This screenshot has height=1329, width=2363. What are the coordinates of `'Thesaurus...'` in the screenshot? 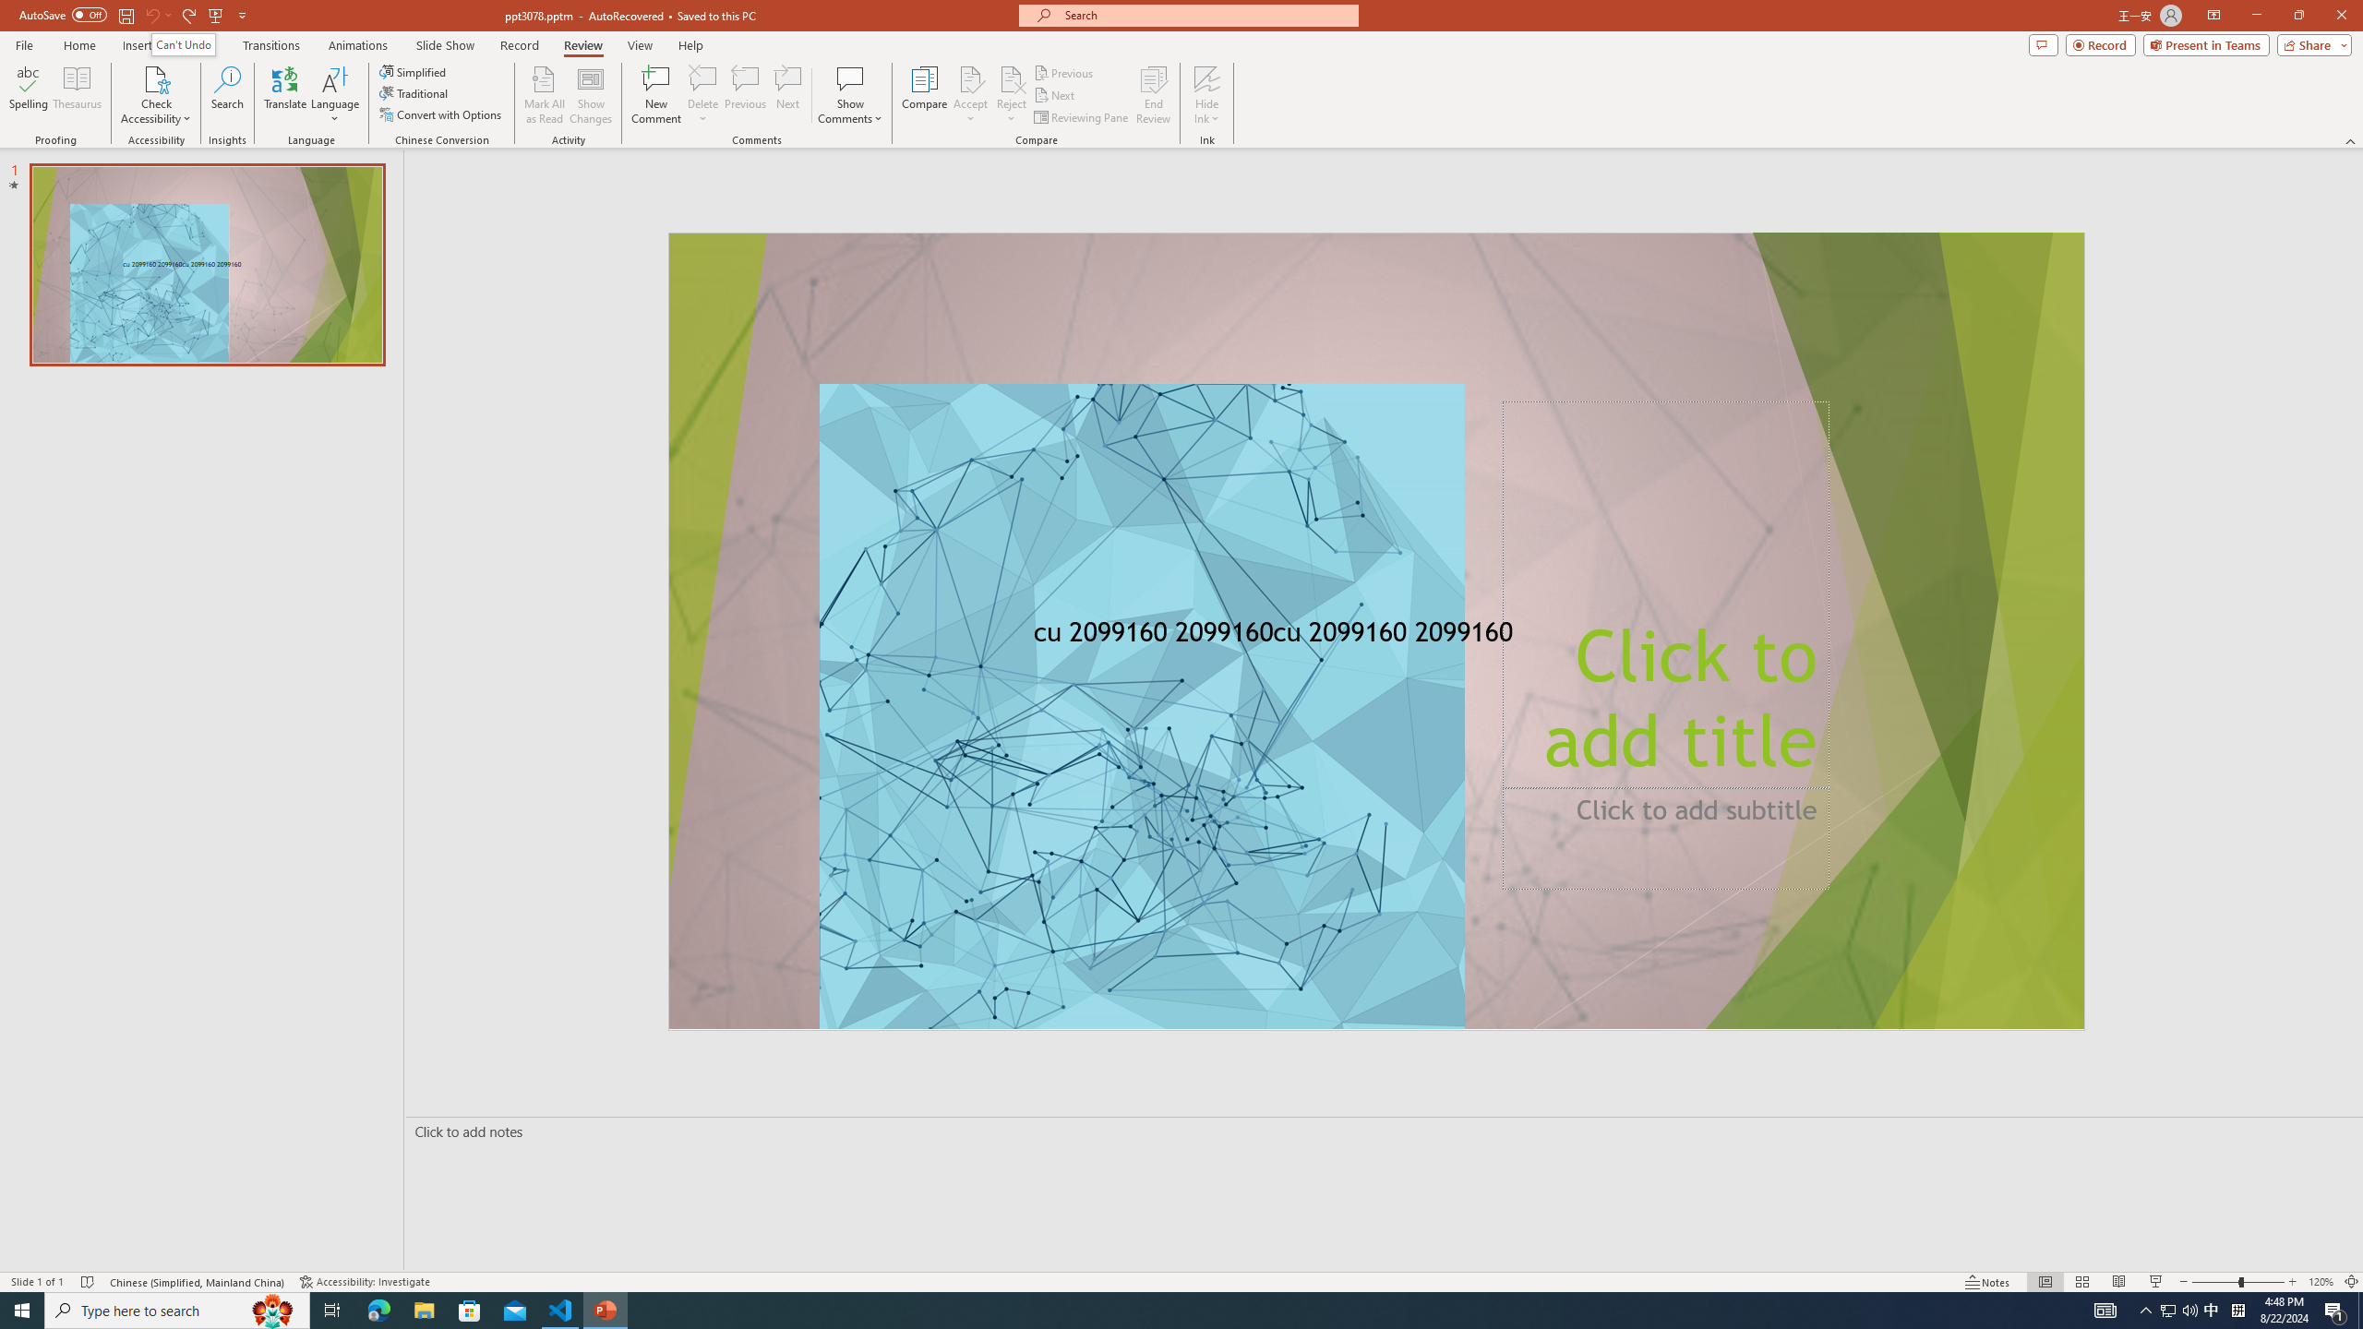 It's located at (76, 95).